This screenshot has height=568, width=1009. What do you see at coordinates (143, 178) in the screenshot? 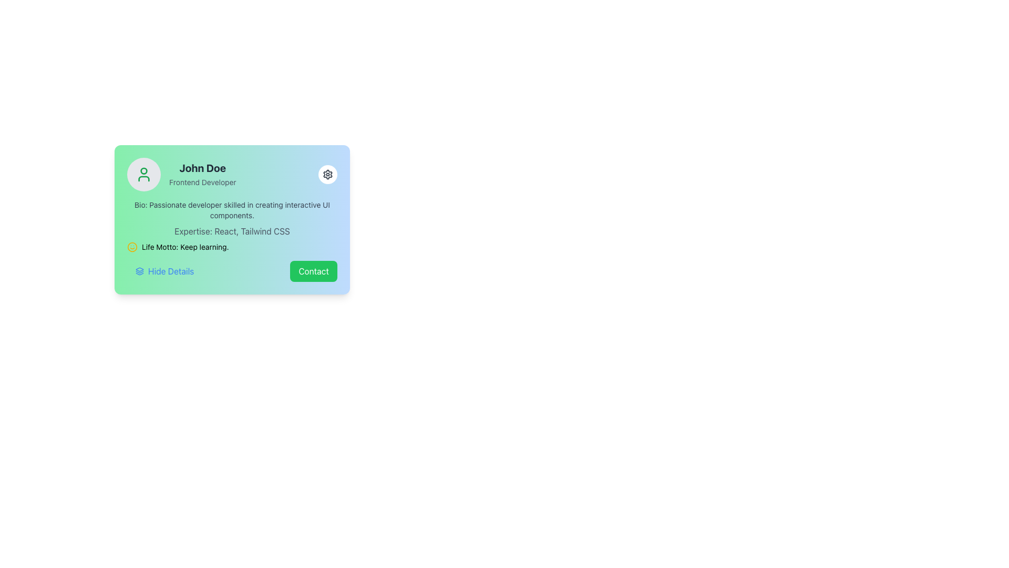
I see `the lower part of the user silhouette SVG icon, which depicts the outline of shoulders and neck in the profile picture on the user card` at bounding box center [143, 178].